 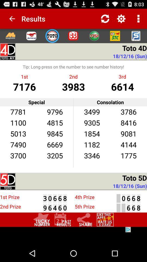 I want to click on icon to the left of the results app, so click(x=10, y=19).